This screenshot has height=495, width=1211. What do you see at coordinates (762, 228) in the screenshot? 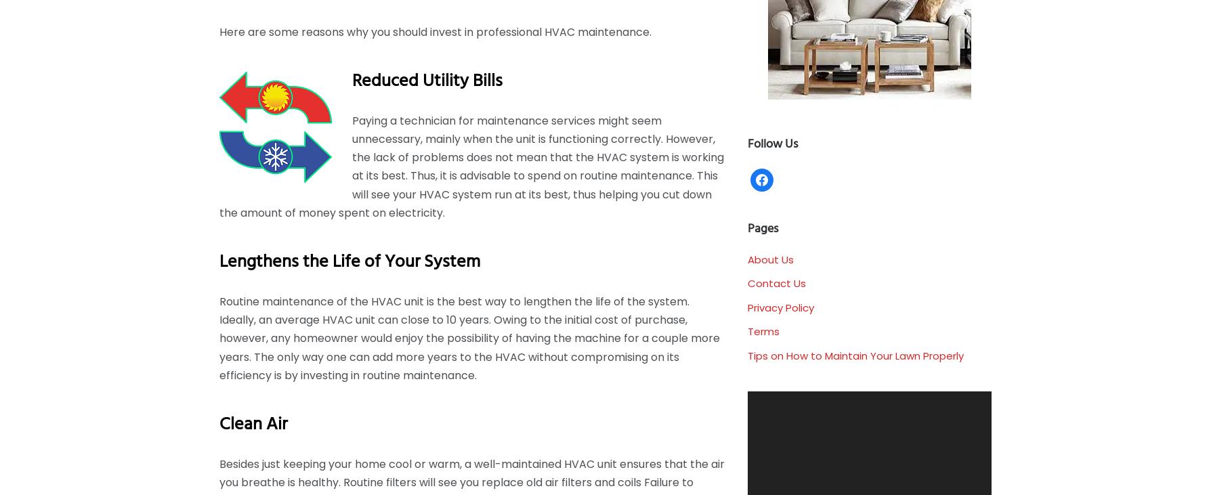
I see `'Pages'` at bounding box center [762, 228].